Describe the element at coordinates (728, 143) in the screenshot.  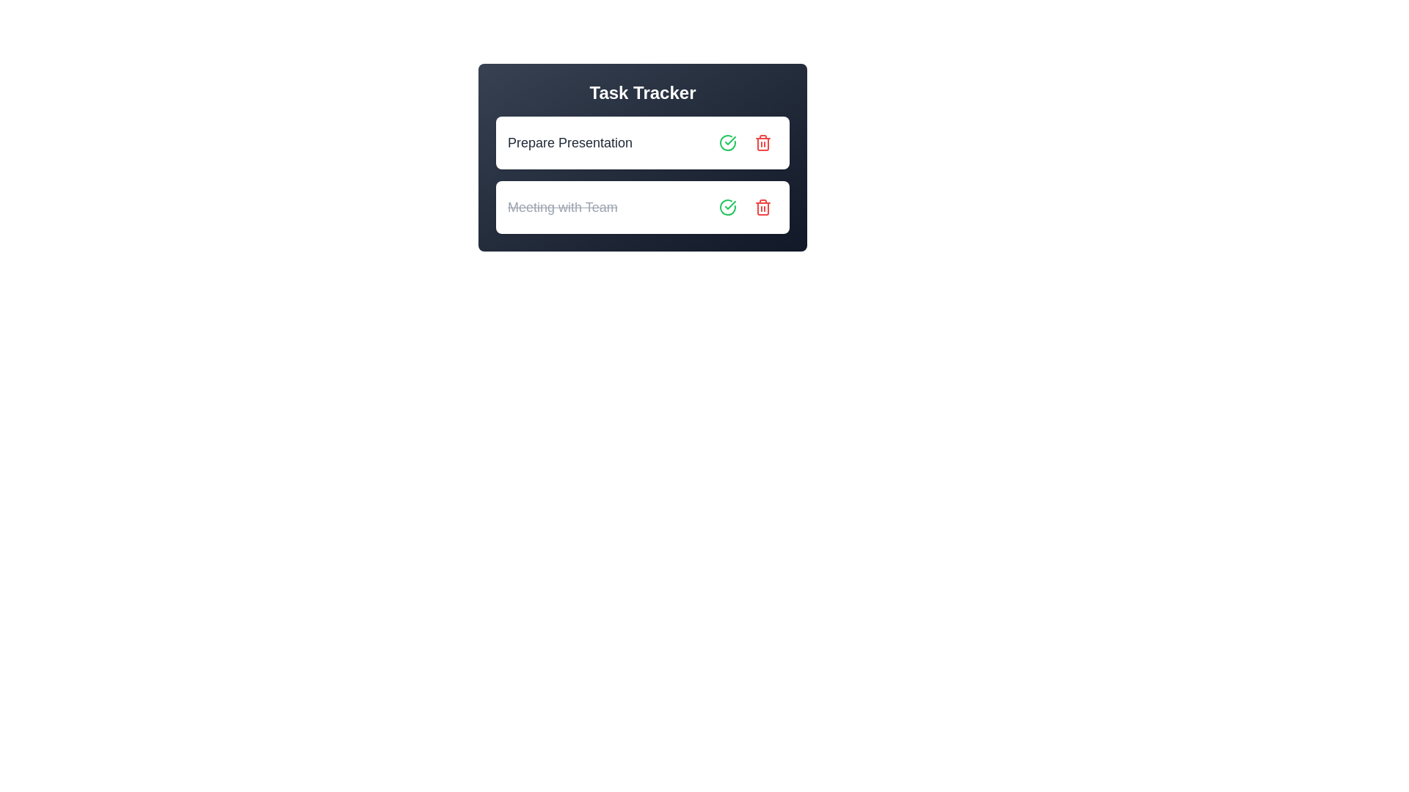
I see `tab navigation` at that location.